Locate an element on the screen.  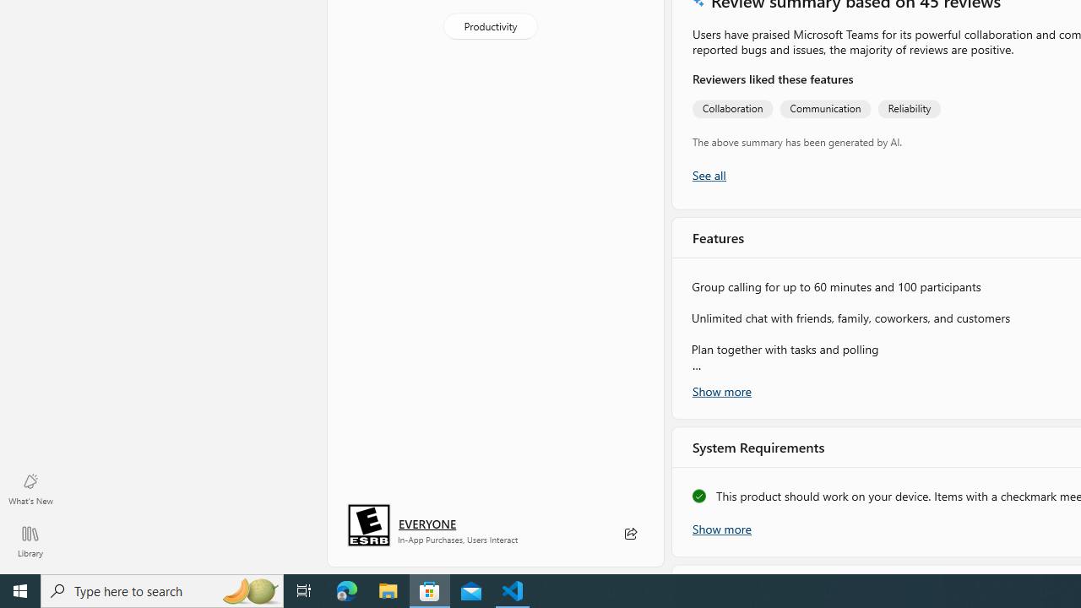
'Age rating: EVERYONE. Click for more information.' is located at coordinates (427, 522).